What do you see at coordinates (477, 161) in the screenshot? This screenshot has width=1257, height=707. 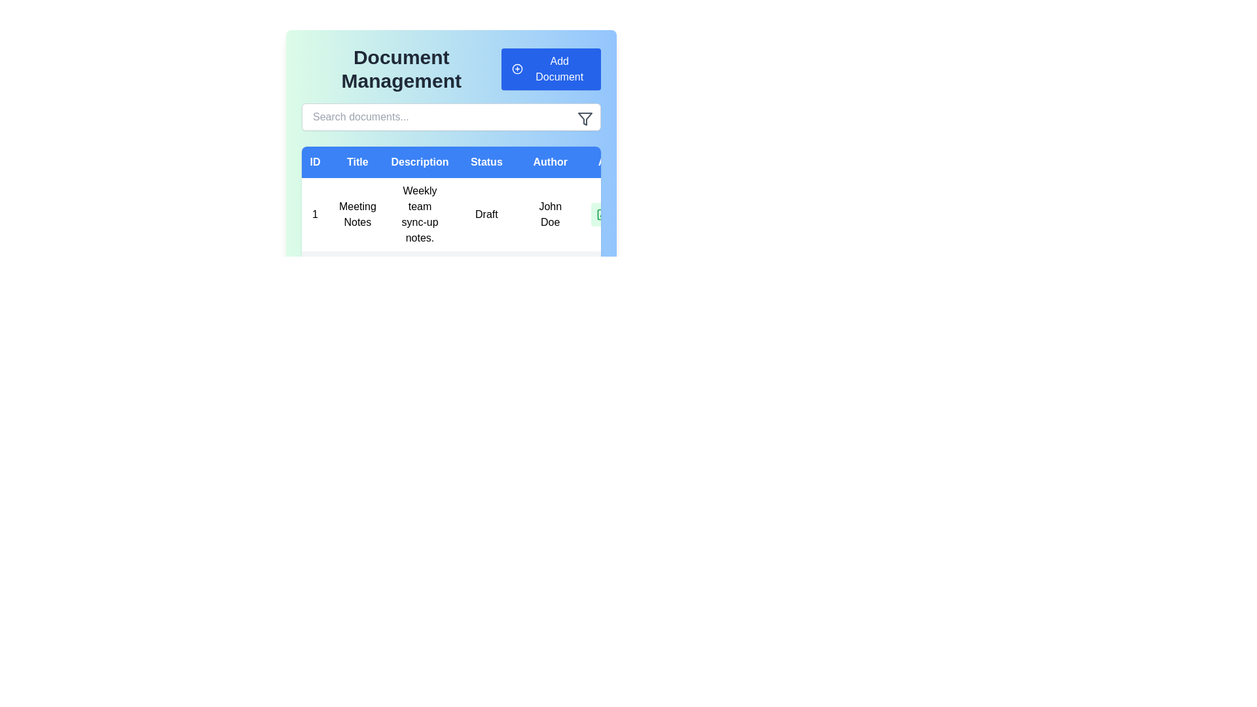 I see `the table header row, which has a blue background and contains the column headers 'ID', 'Title', 'Description', 'Status', 'Author', and 'Actions'` at bounding box center [477, 161].